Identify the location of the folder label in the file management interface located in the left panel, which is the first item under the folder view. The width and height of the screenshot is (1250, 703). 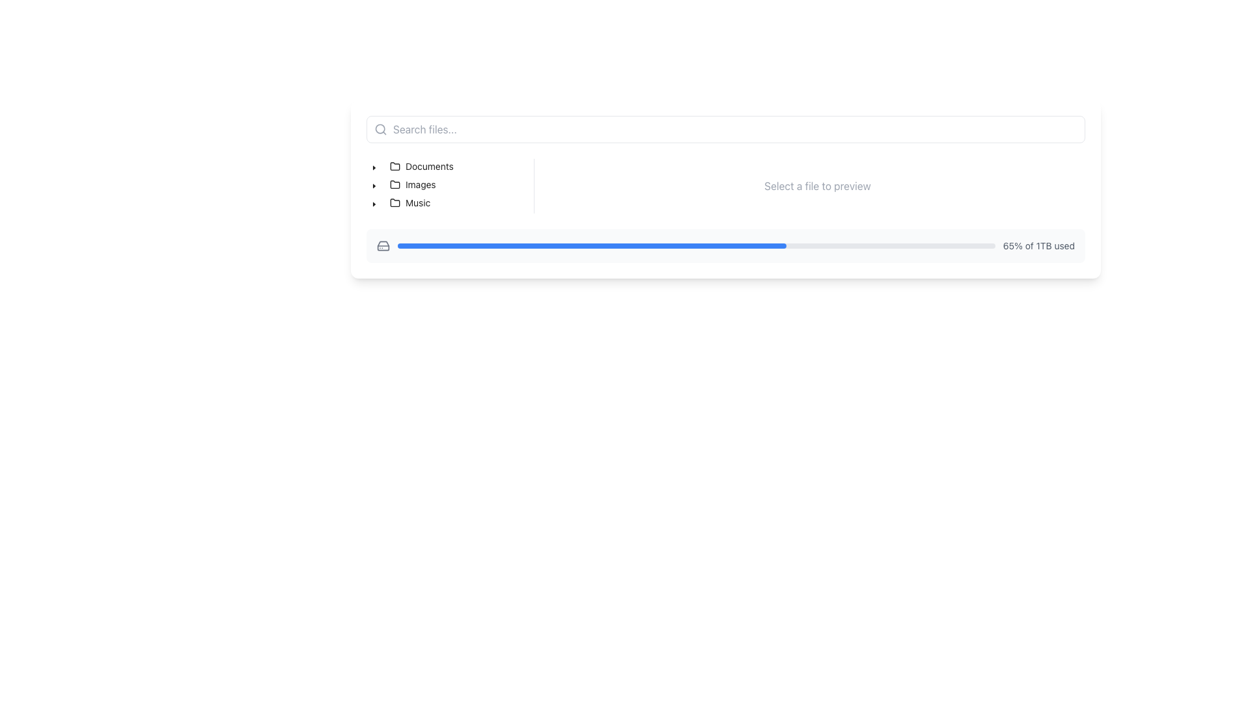
(421, 165).